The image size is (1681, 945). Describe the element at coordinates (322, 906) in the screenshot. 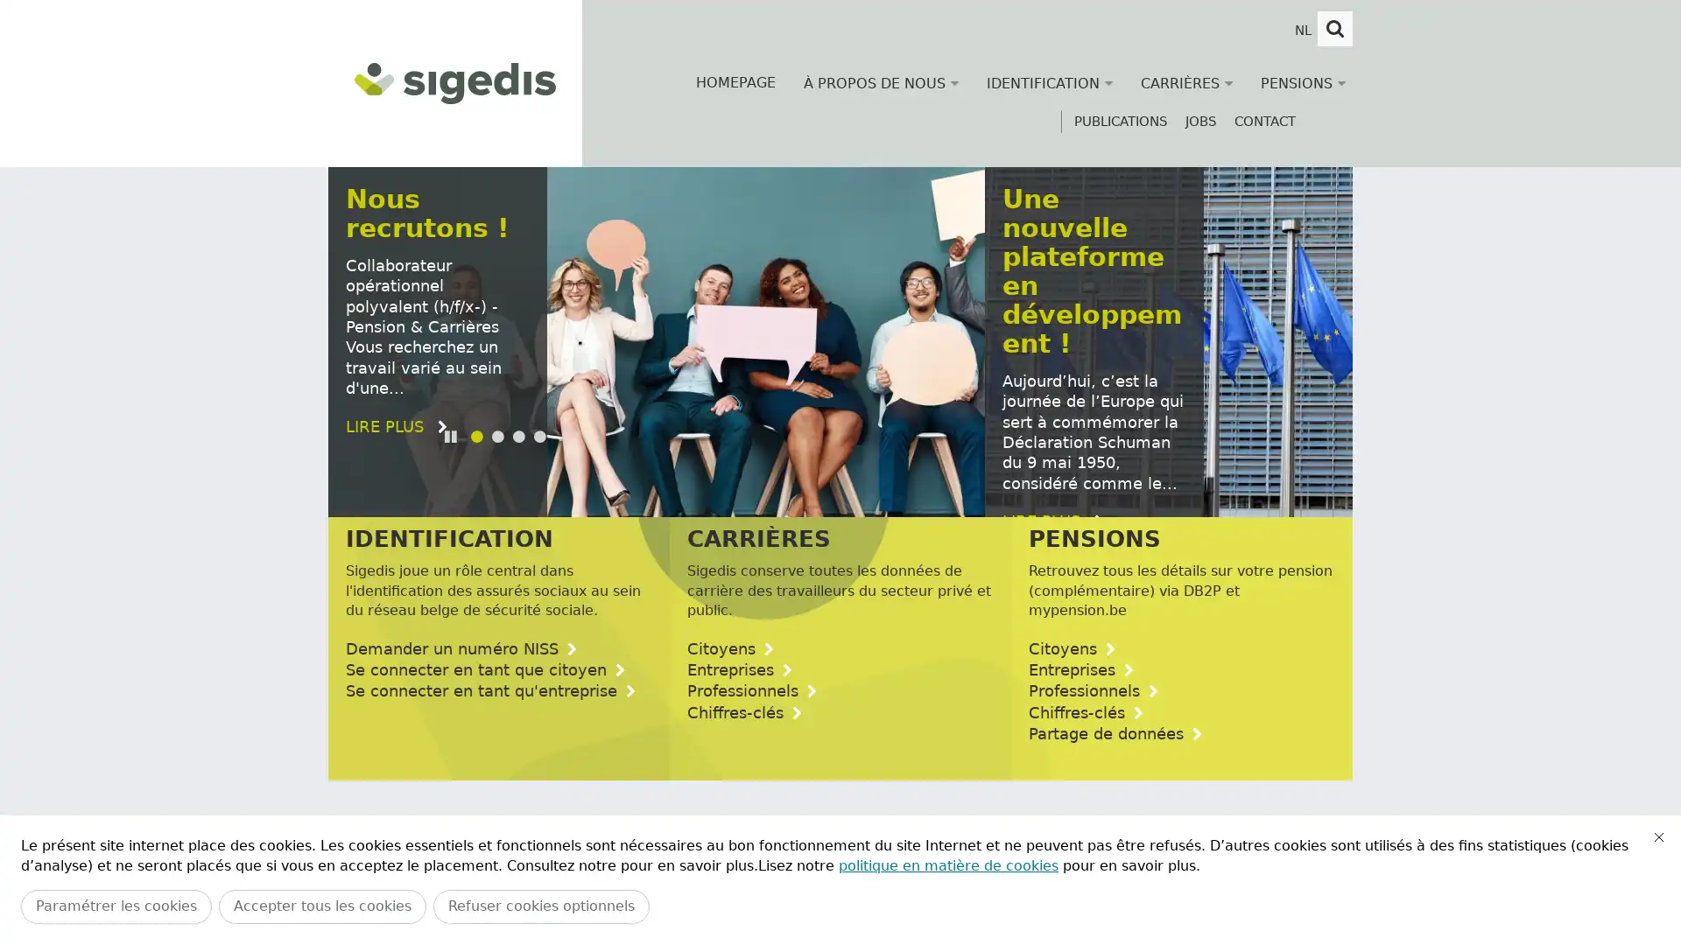

I see `Accepter tous les cookies` at that location.